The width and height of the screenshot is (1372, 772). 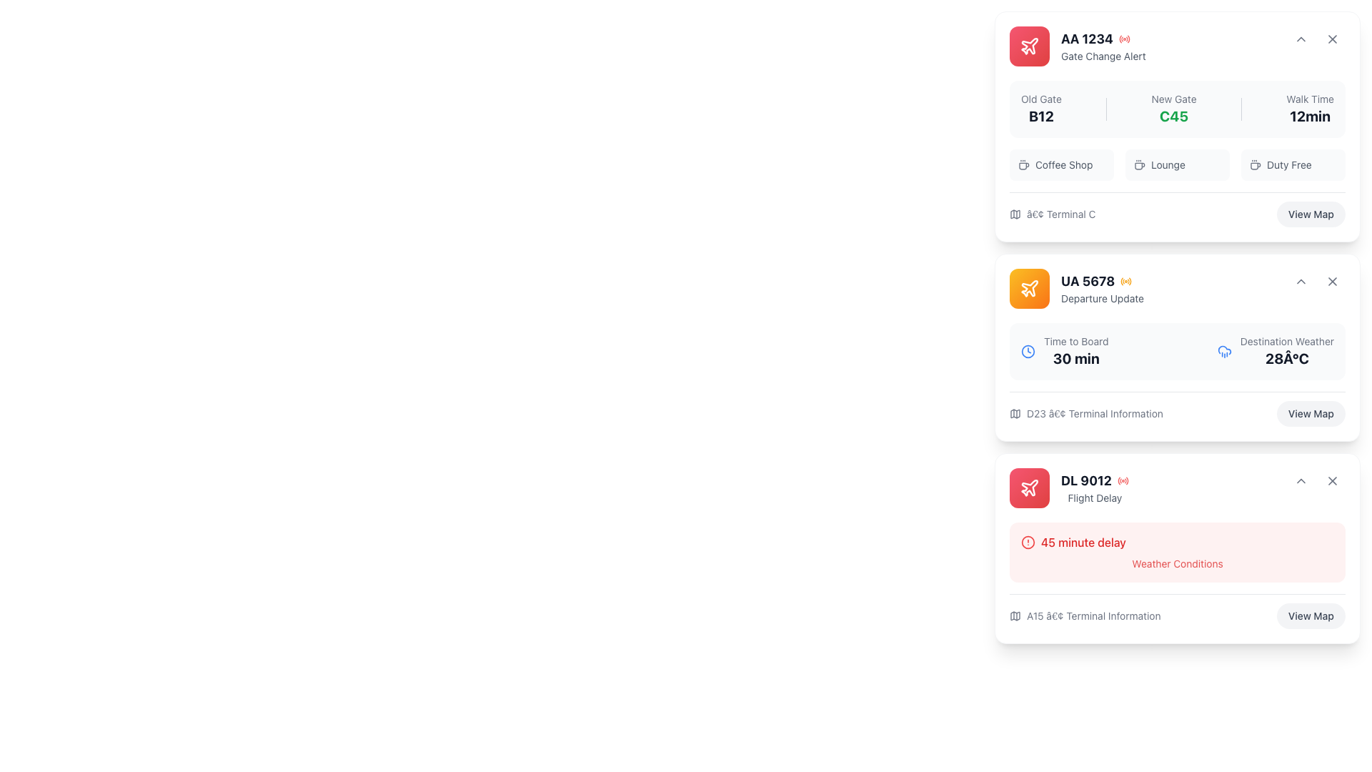 What do you see at coordinates (1030, 487) in the screenshot?
I see `the icon representing the flight or aviation context of the card labeled 'AA 1234 Gate Change Alert', located at the top-left corner of the card` at bounding box center [1030, 487].